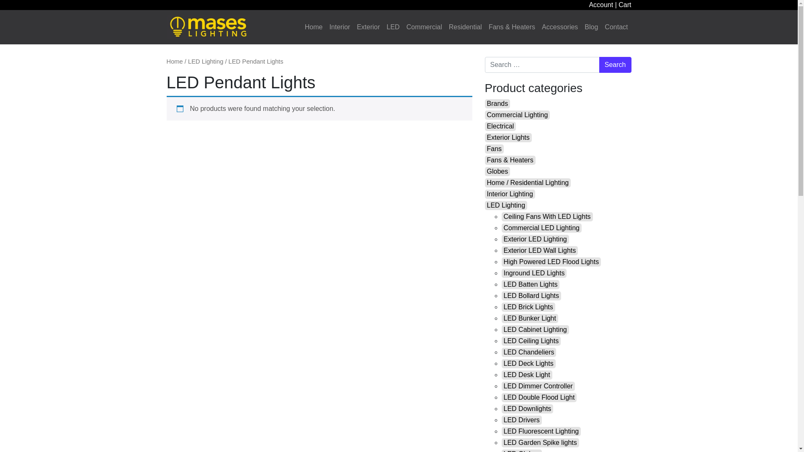 The image size is (804, 452). Describe the element at coordinates (502, 329) in the screenshot. I see `'LED Cabinet Lighting'` at that location.